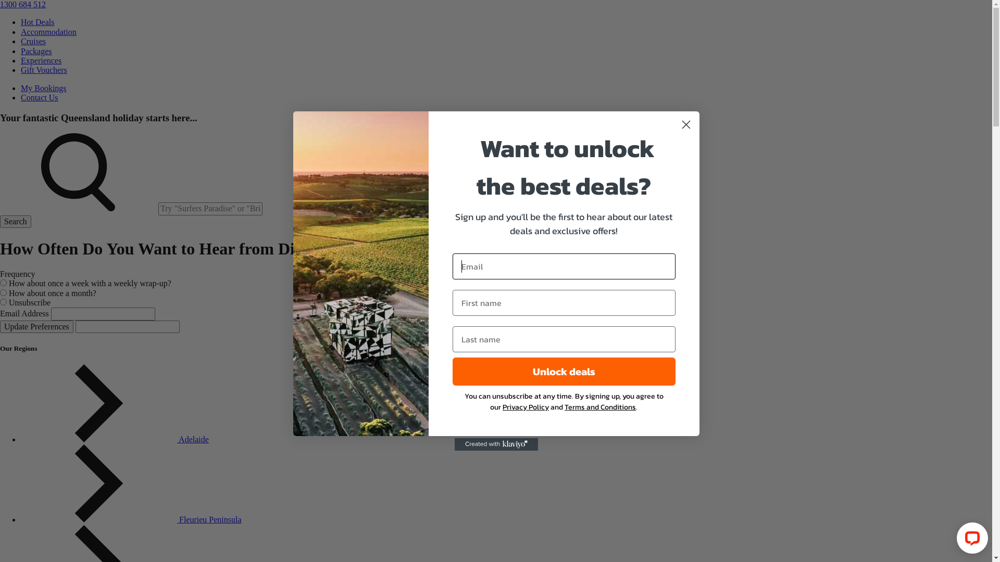 The image size is (1000, 562). I want to click on 'Adelaide', so click(115, 439).